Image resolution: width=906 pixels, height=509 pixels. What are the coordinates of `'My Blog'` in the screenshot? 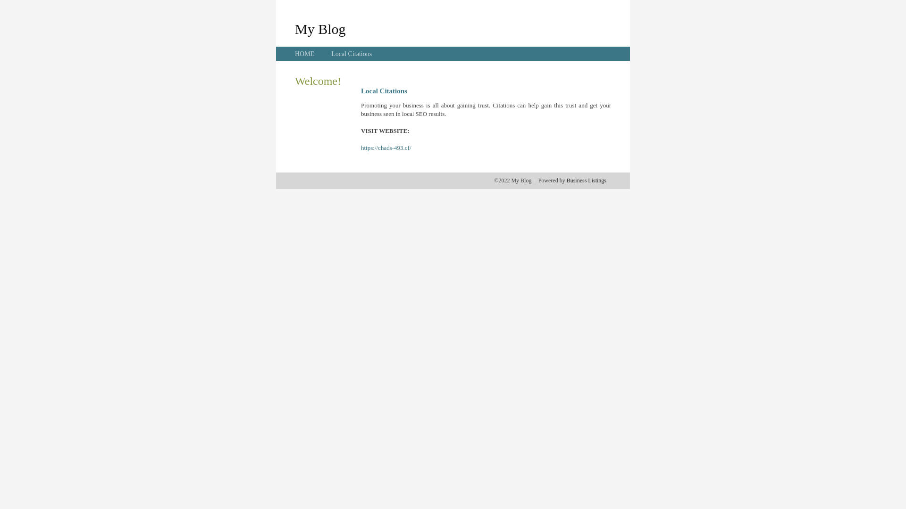 It's located at (320, 28).